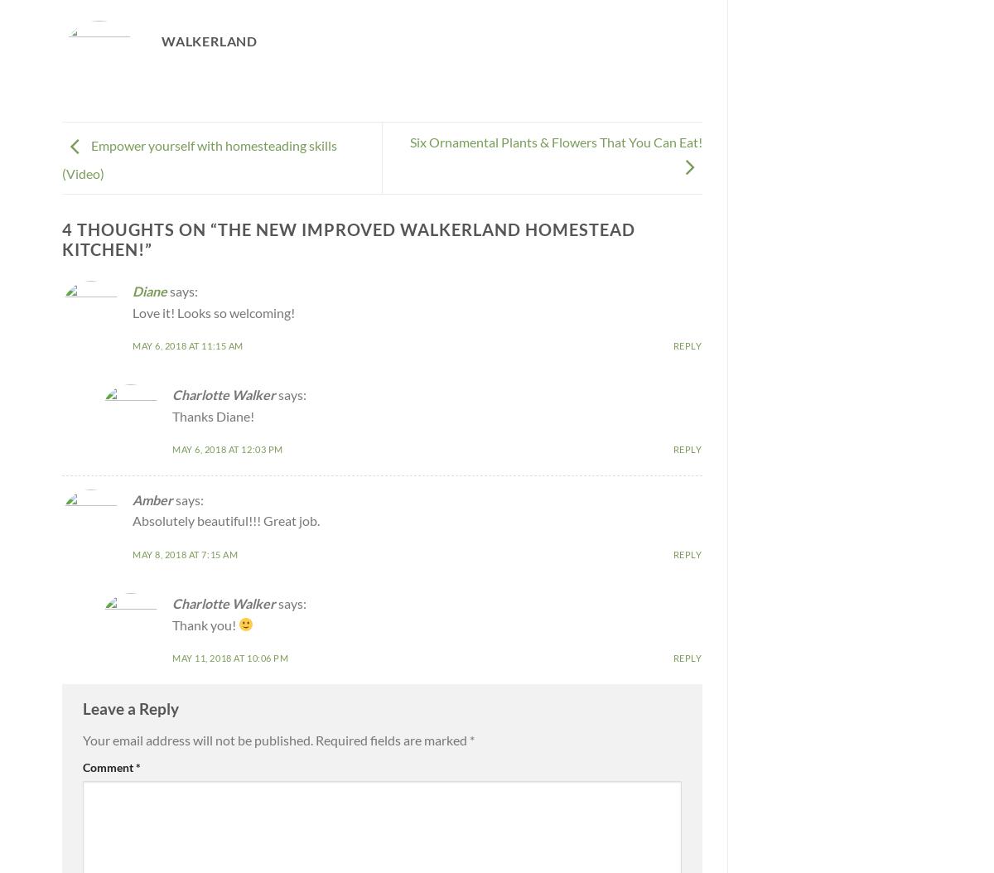 The image size is (994, 873). I want to click on 'Comment', so click(109, 765).